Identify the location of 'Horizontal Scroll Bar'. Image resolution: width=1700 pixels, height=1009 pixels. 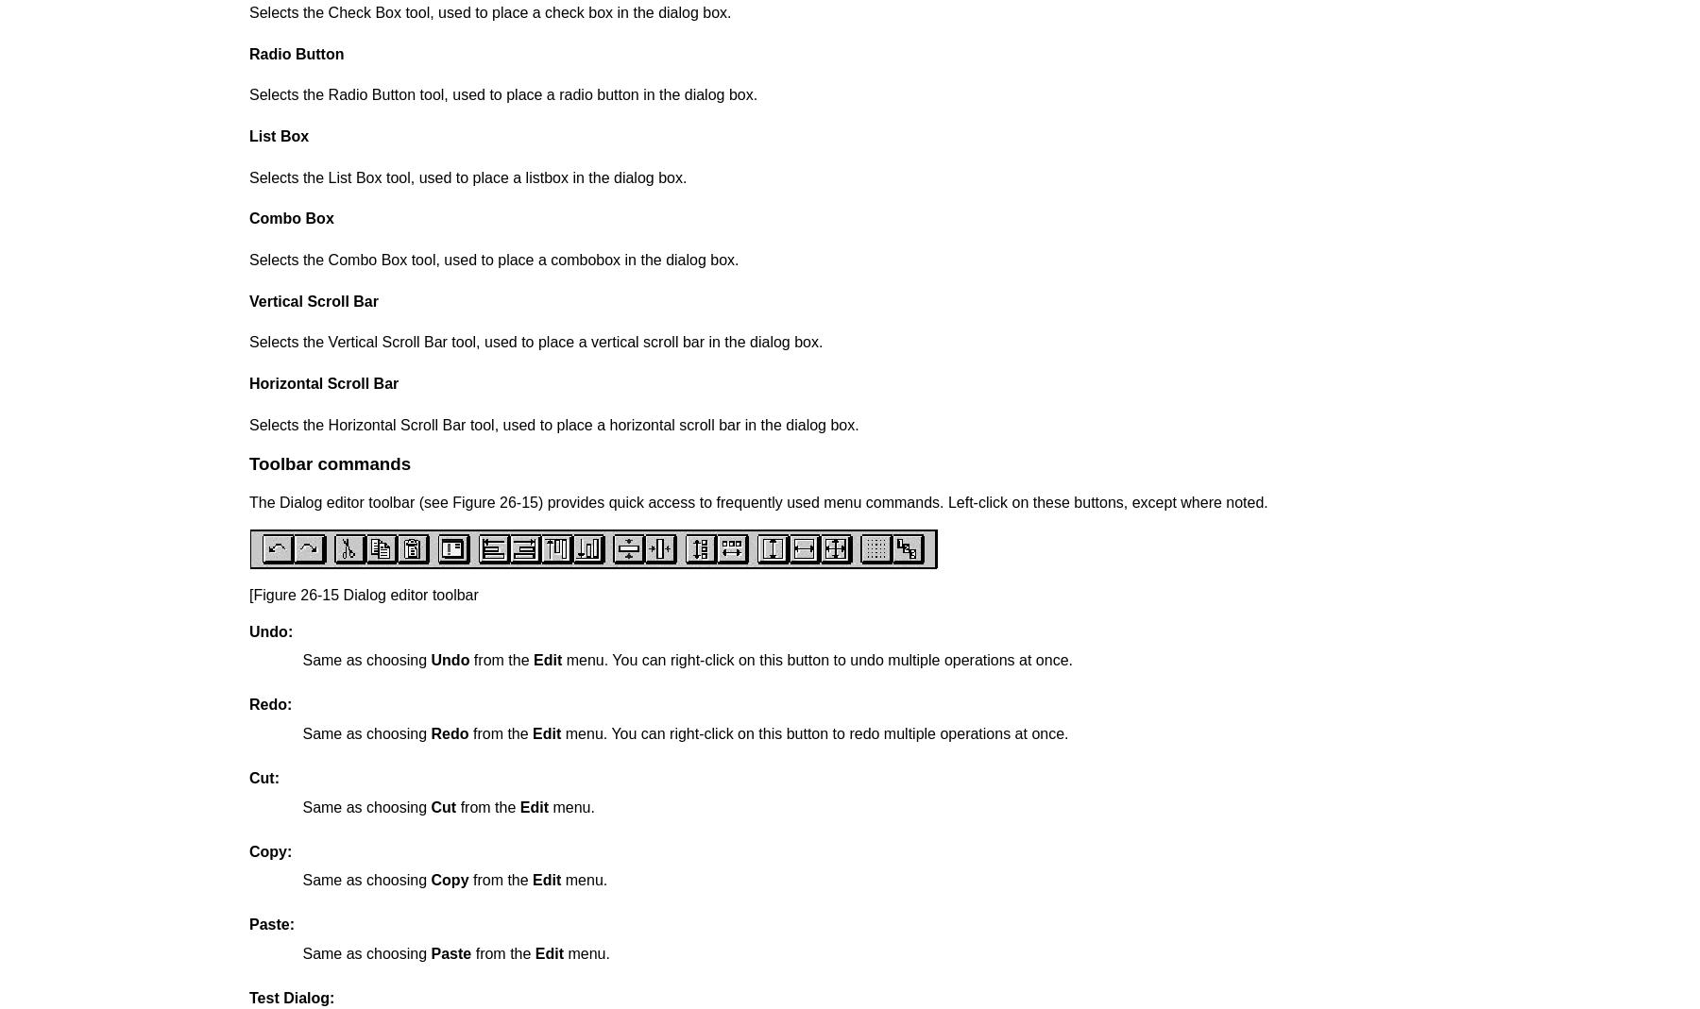
(324, 382).